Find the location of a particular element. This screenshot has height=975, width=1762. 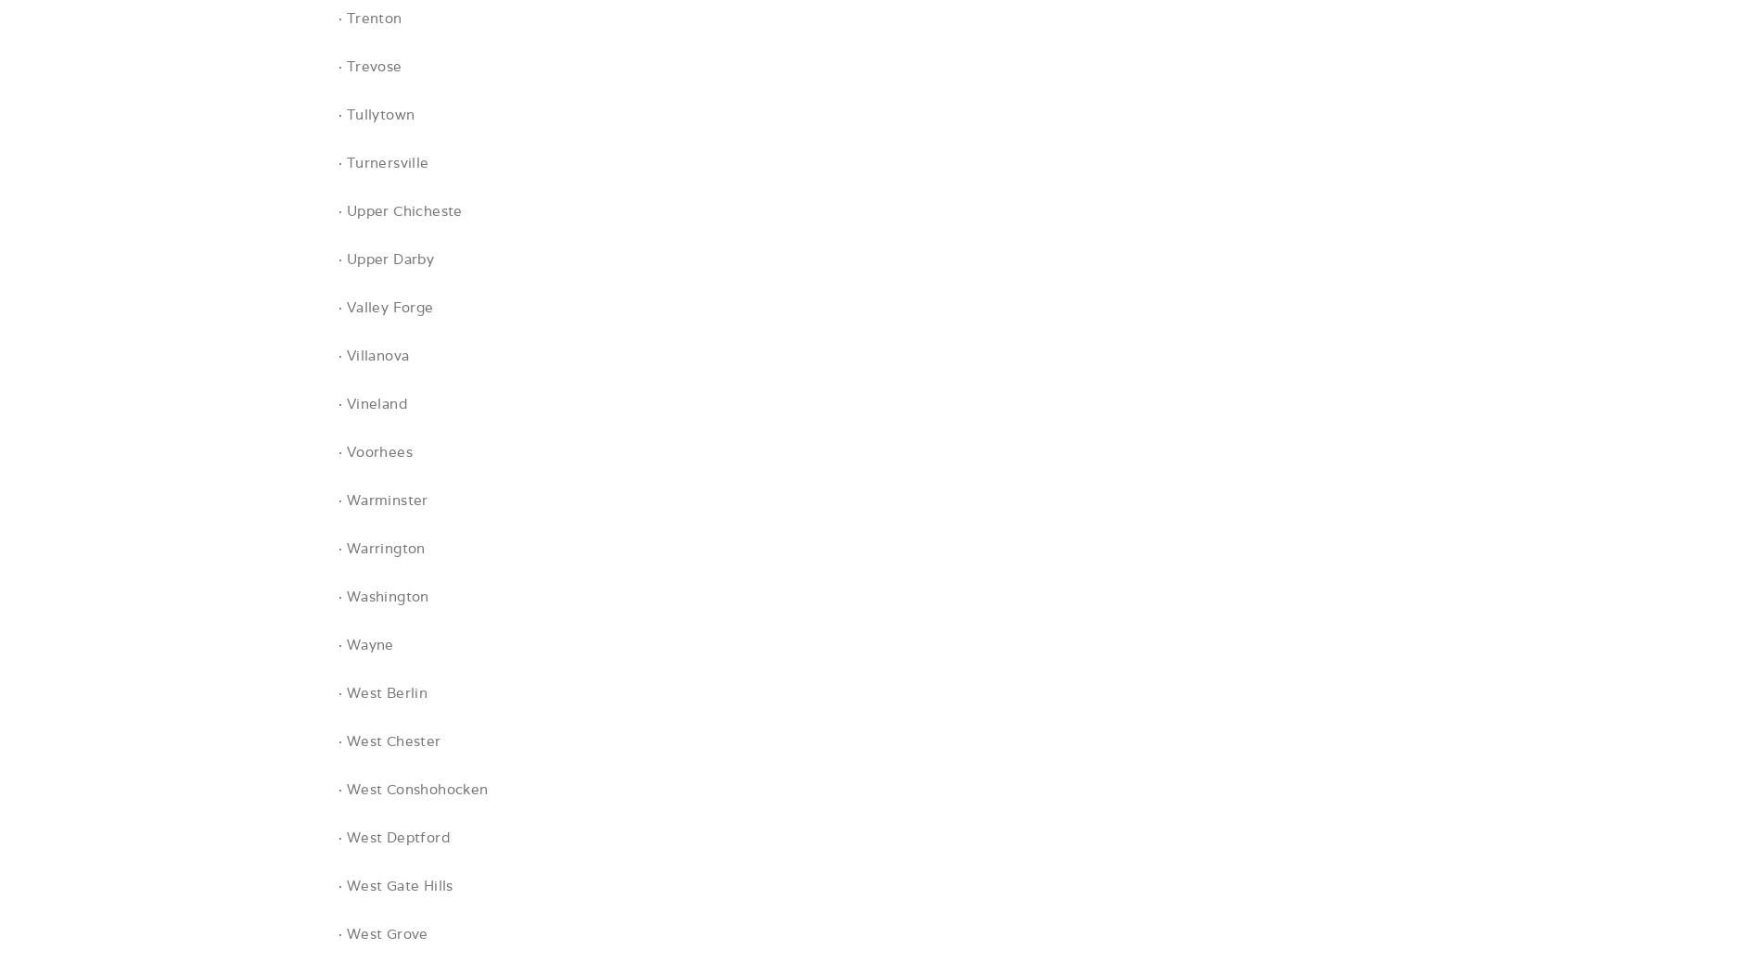

'· Upper Chicheste' is located at coordinates (337, 209).